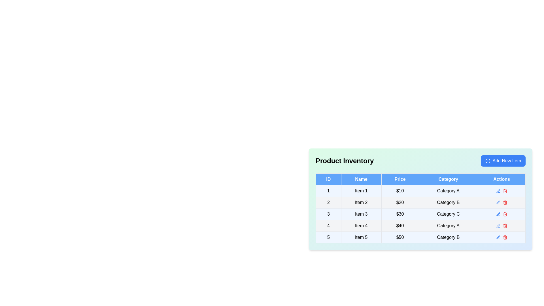 Image resolution: width=544 pixels, height=306 pixels. I want to click on the edit icon button styled as a pen symbol in the Actions column of the 'Item 3' row, so click(498, 214).